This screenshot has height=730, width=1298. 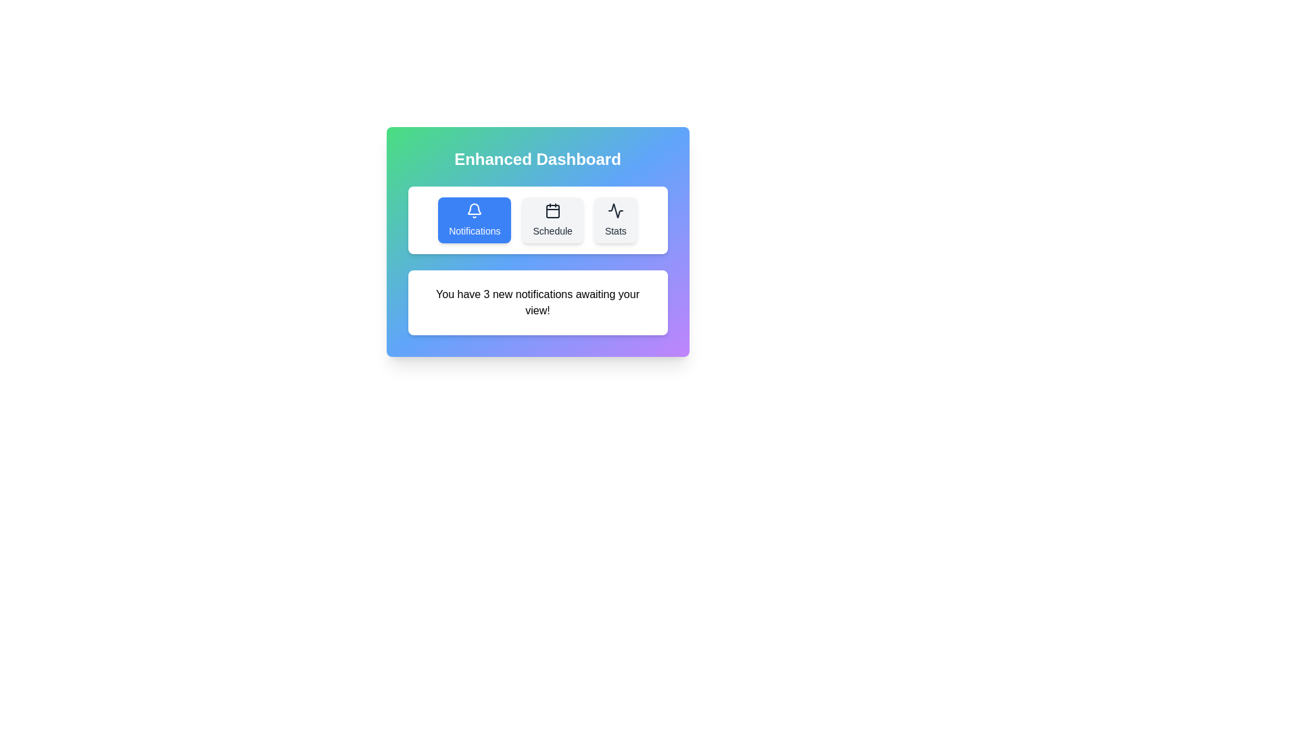 What do you see at coordinates (552, 220) in the screenshot?
I see `the 'Schedule' button, which is a rectangular button with rounded corners displaying a calendar icon and is located in the 'Enhanced Dashboard' section between the 'Notifications' and 'Stats' buttons` at bounding box center [552, 220].